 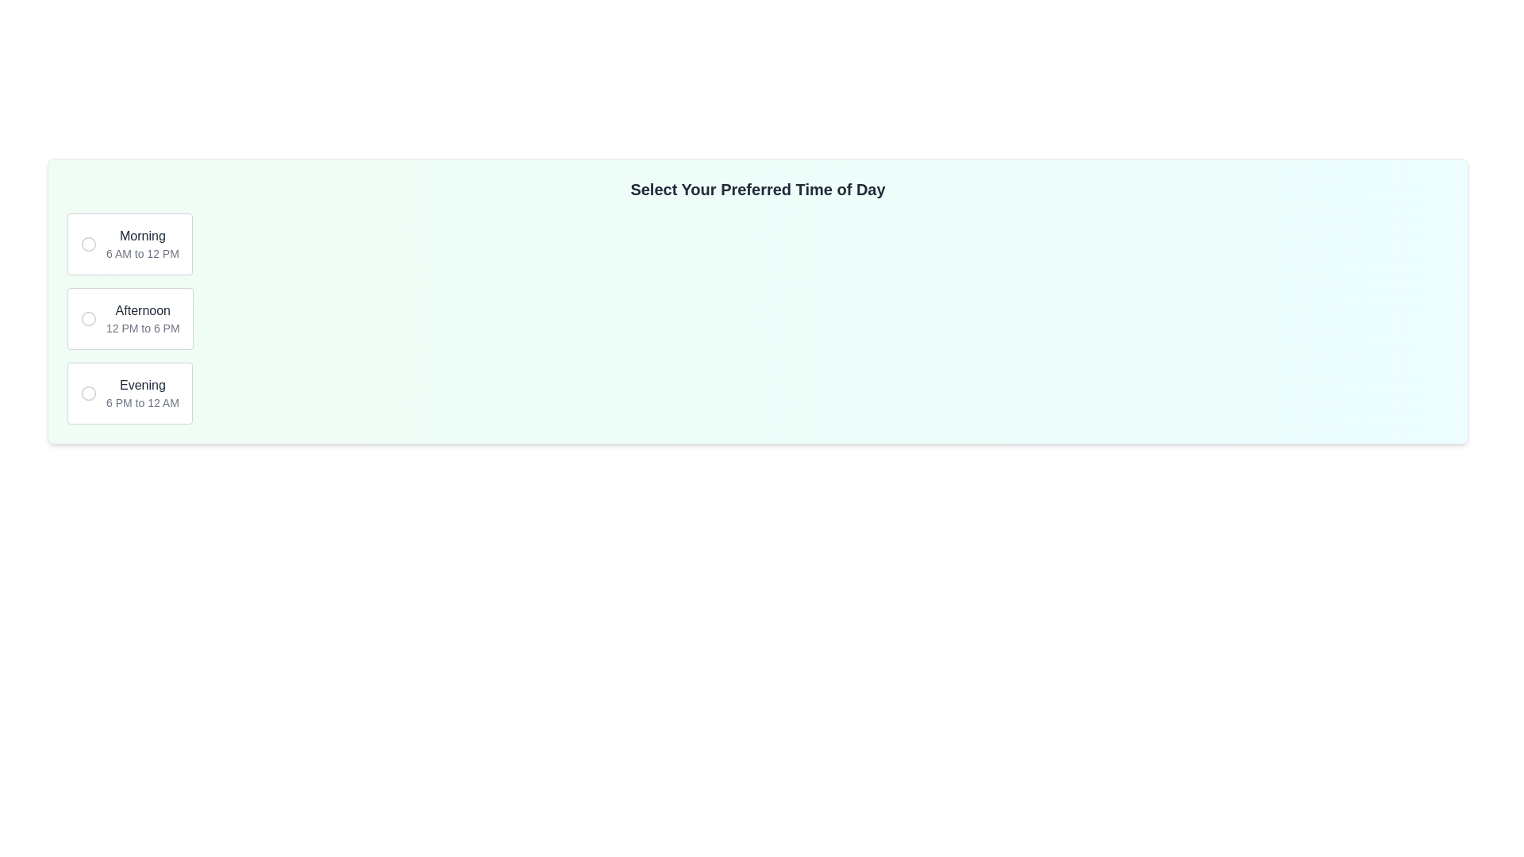 I want to click on the heading text that instructs the user to select a time of day, positioned at the top of a rounded bordered box with a light color gradient background, so click(x=757, y=189).